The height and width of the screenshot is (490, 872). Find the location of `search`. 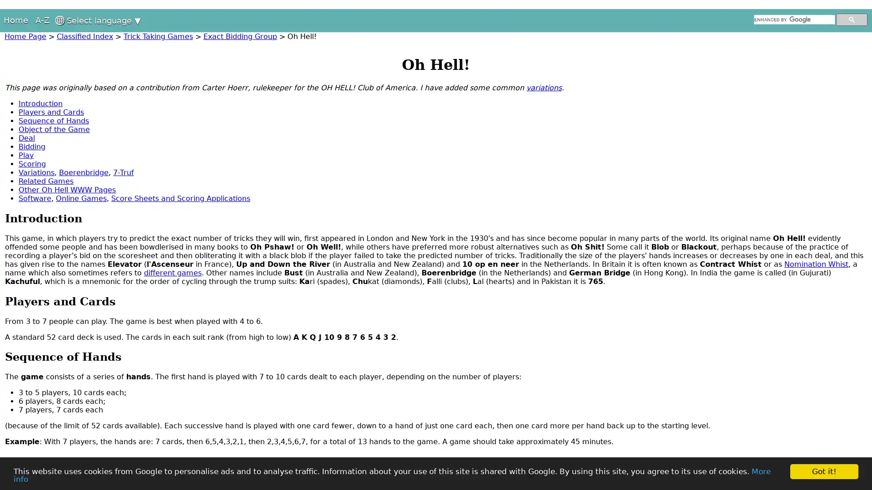

search is located at coordinates (851, 20).